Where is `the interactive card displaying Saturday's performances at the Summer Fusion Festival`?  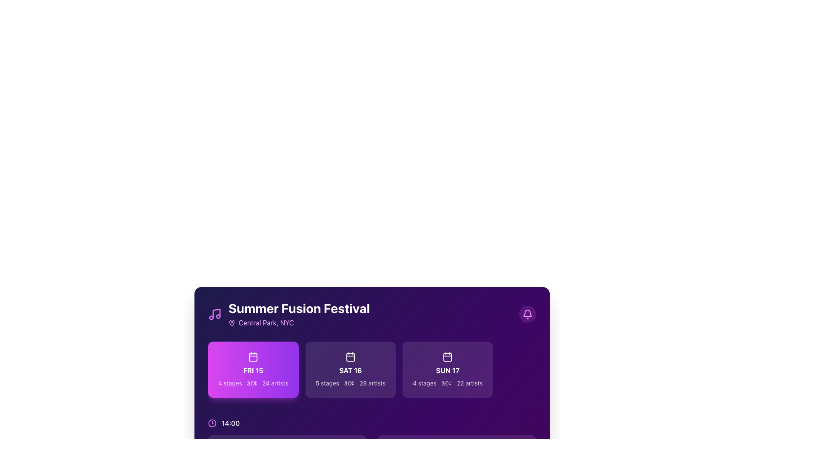 the interactive card displaying Saturday's performances at the Summer Fusion Festival is located at coordinates (372, 372).